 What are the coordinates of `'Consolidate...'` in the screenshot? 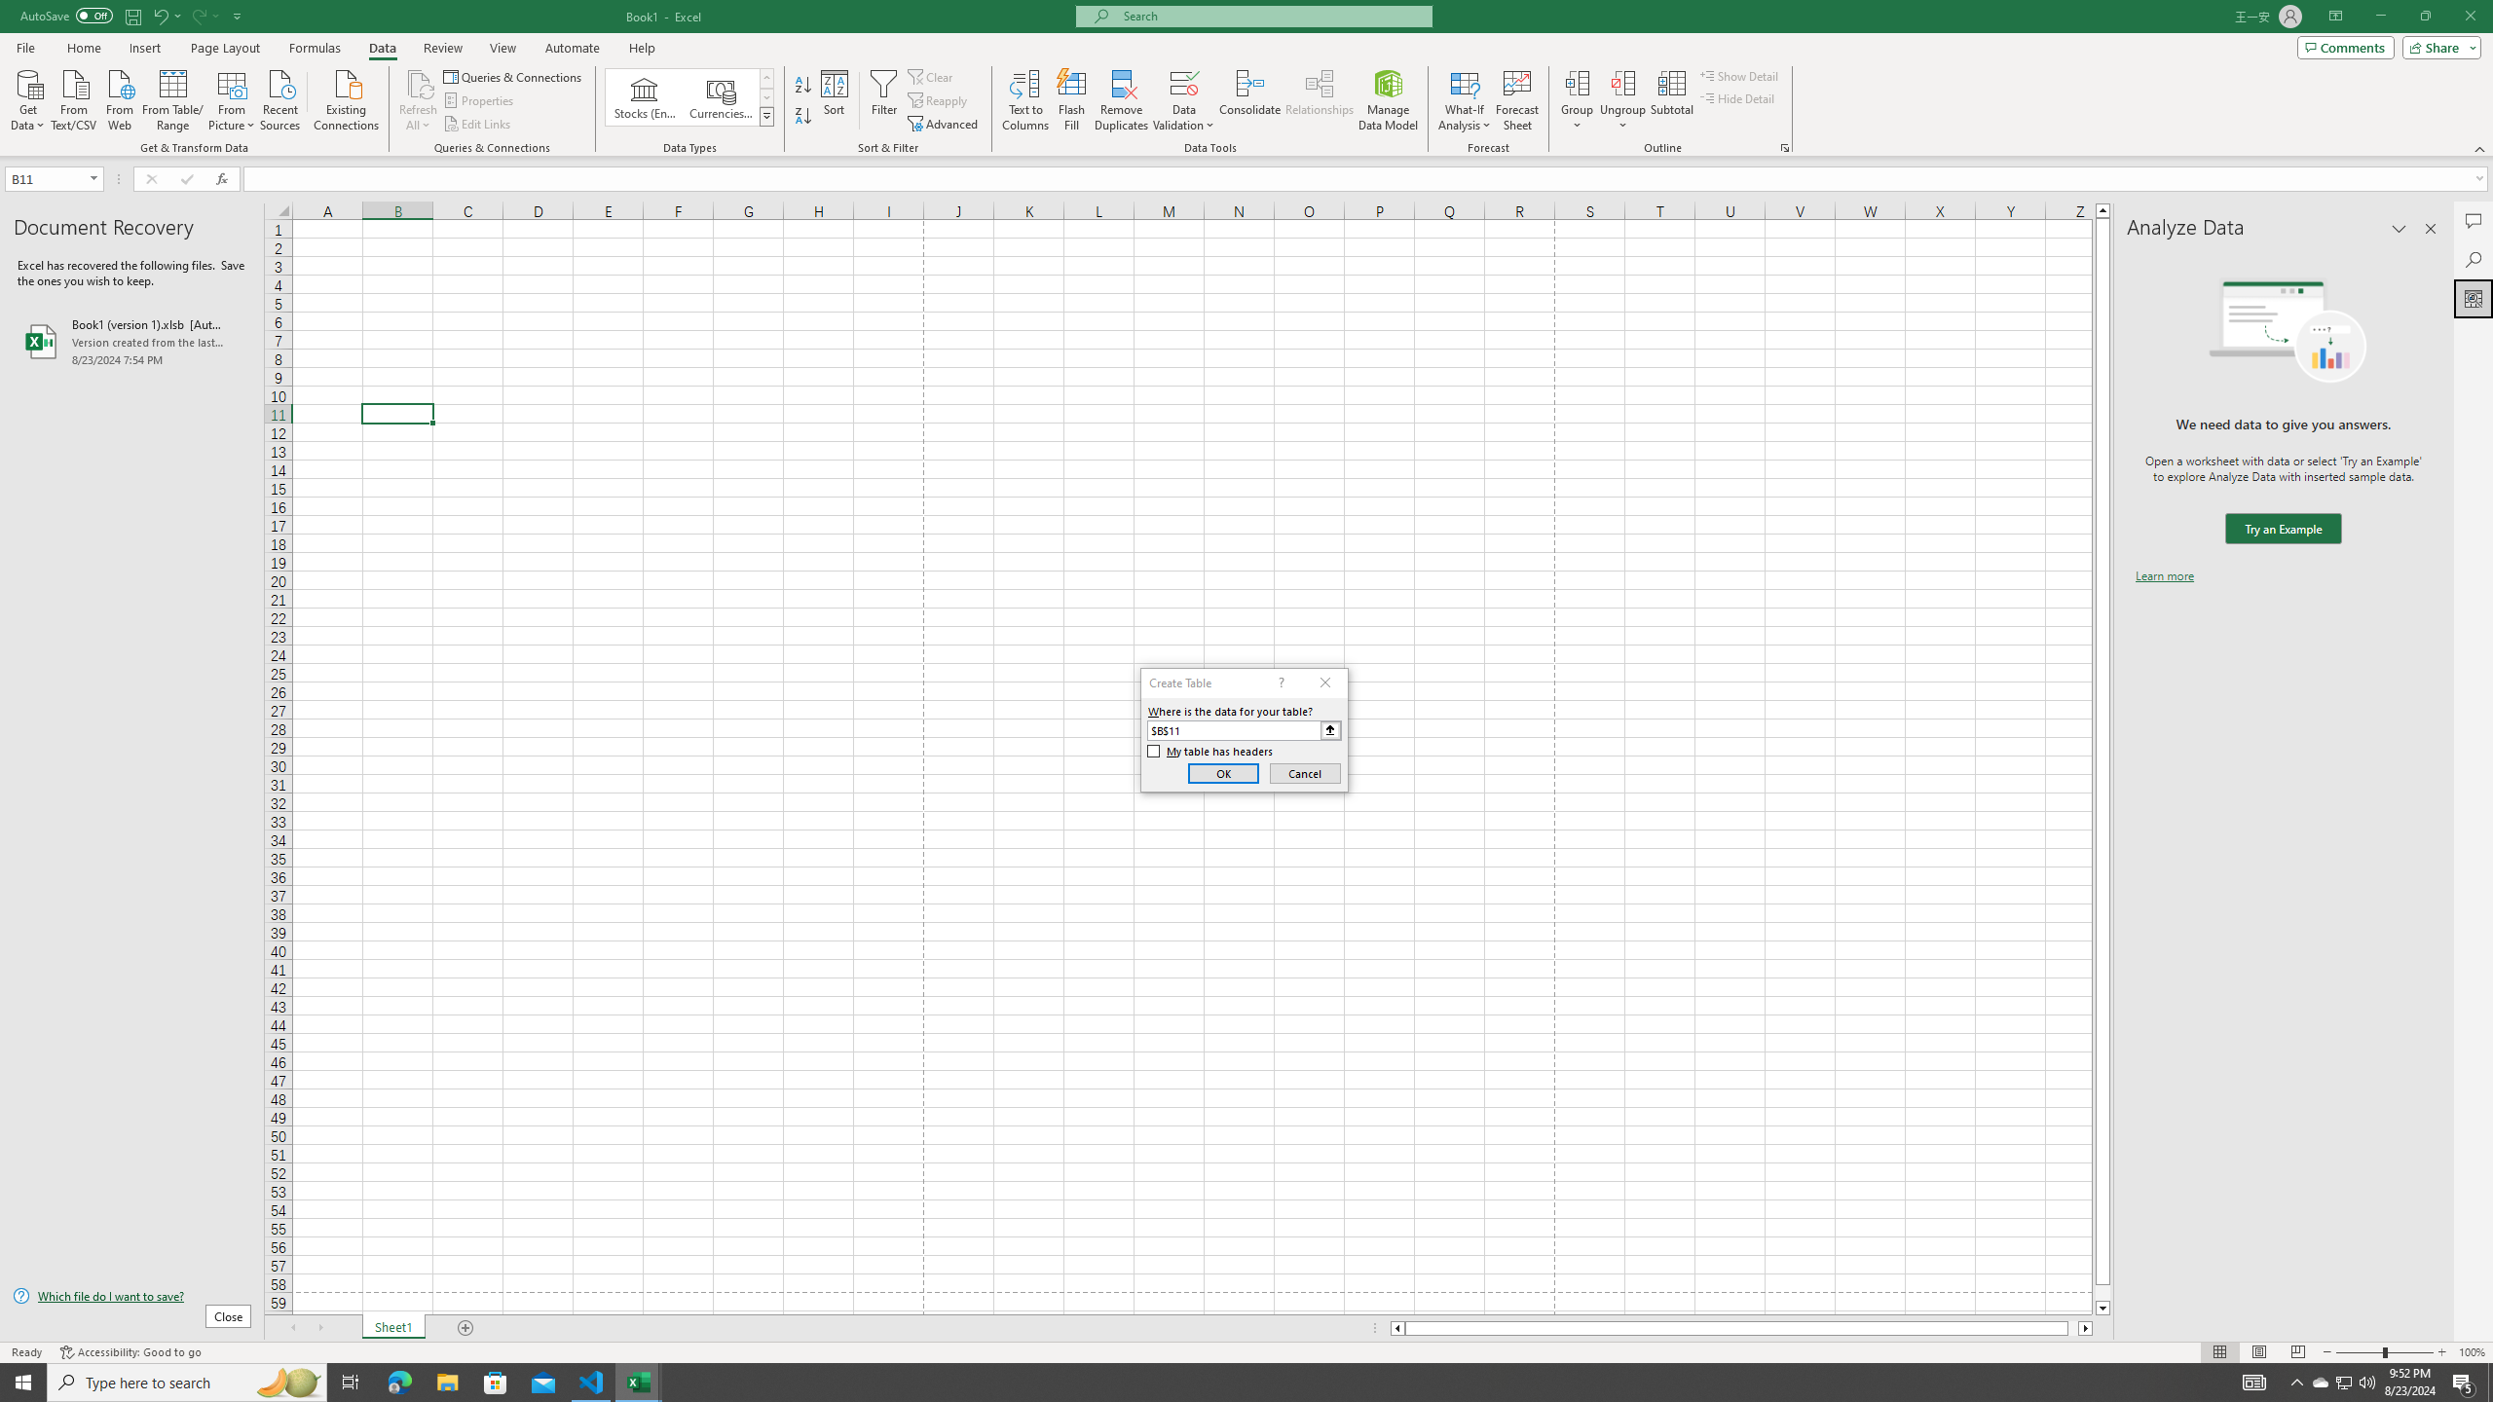 It's located at (1249, 100).